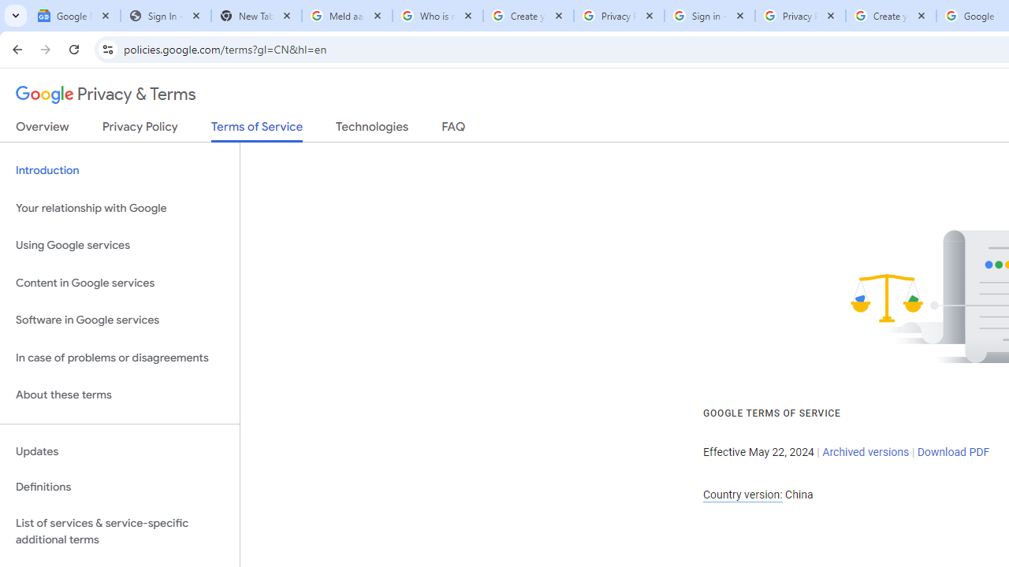  Describe the element at coordinates (256, 16) in the screenshot. I see `'New Tab'` at that location.